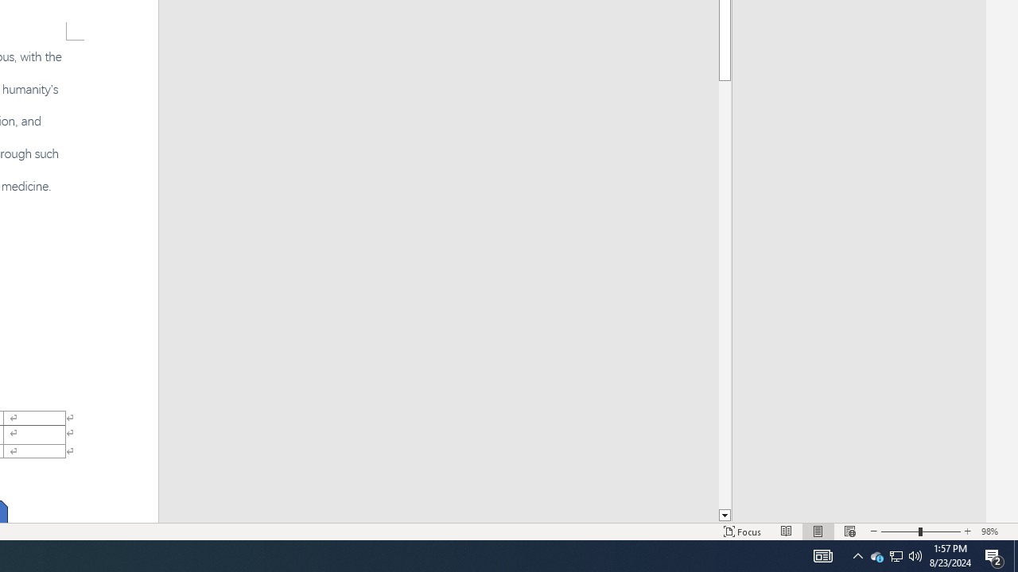  What do you see at coordinates (967, 531) in the screenshot?
I see `'Zoom In'` at bounding box center [967, 531].